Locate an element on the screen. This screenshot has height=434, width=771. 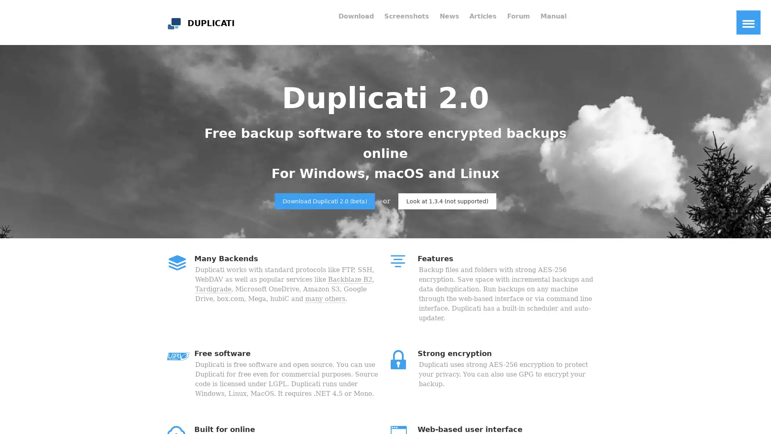
Toggle Navigation is located at coordinates (748, 21).